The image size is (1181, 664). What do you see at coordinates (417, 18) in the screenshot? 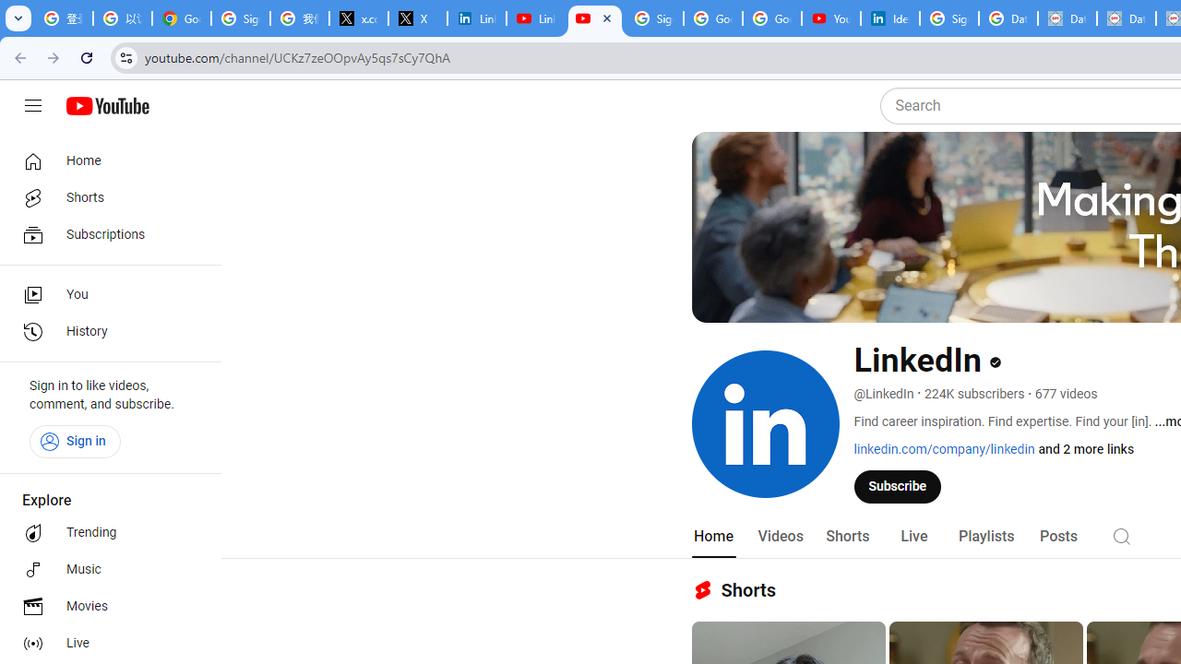
I see `'X'` at bounding box center [417, 18].